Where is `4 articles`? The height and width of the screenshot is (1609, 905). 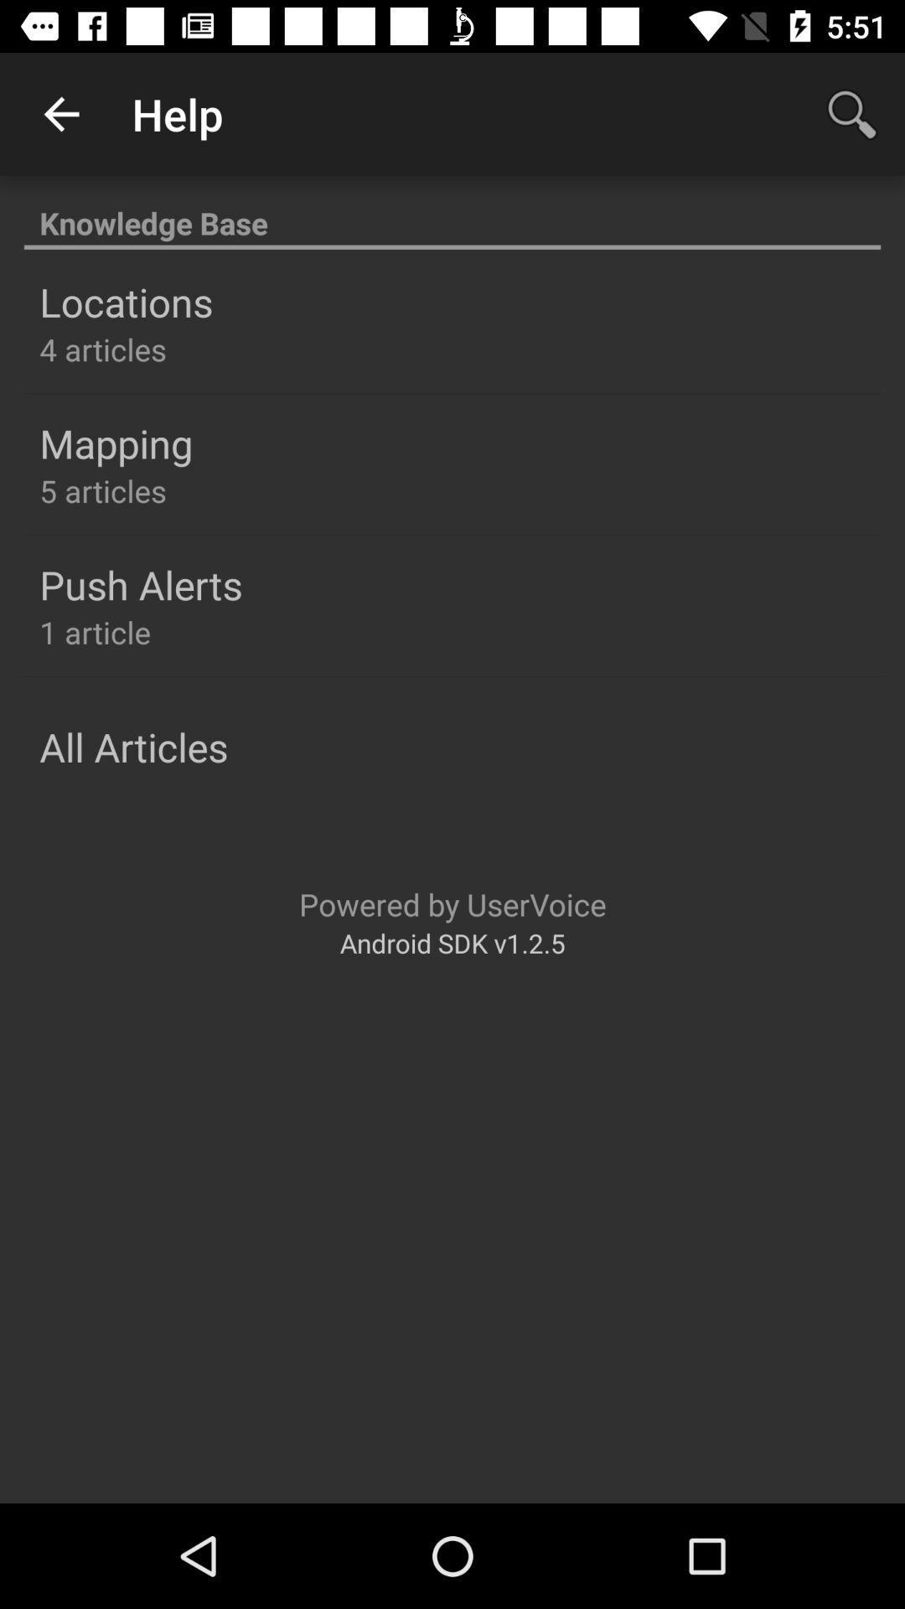 4 articles is located at coordinates (103, 349).